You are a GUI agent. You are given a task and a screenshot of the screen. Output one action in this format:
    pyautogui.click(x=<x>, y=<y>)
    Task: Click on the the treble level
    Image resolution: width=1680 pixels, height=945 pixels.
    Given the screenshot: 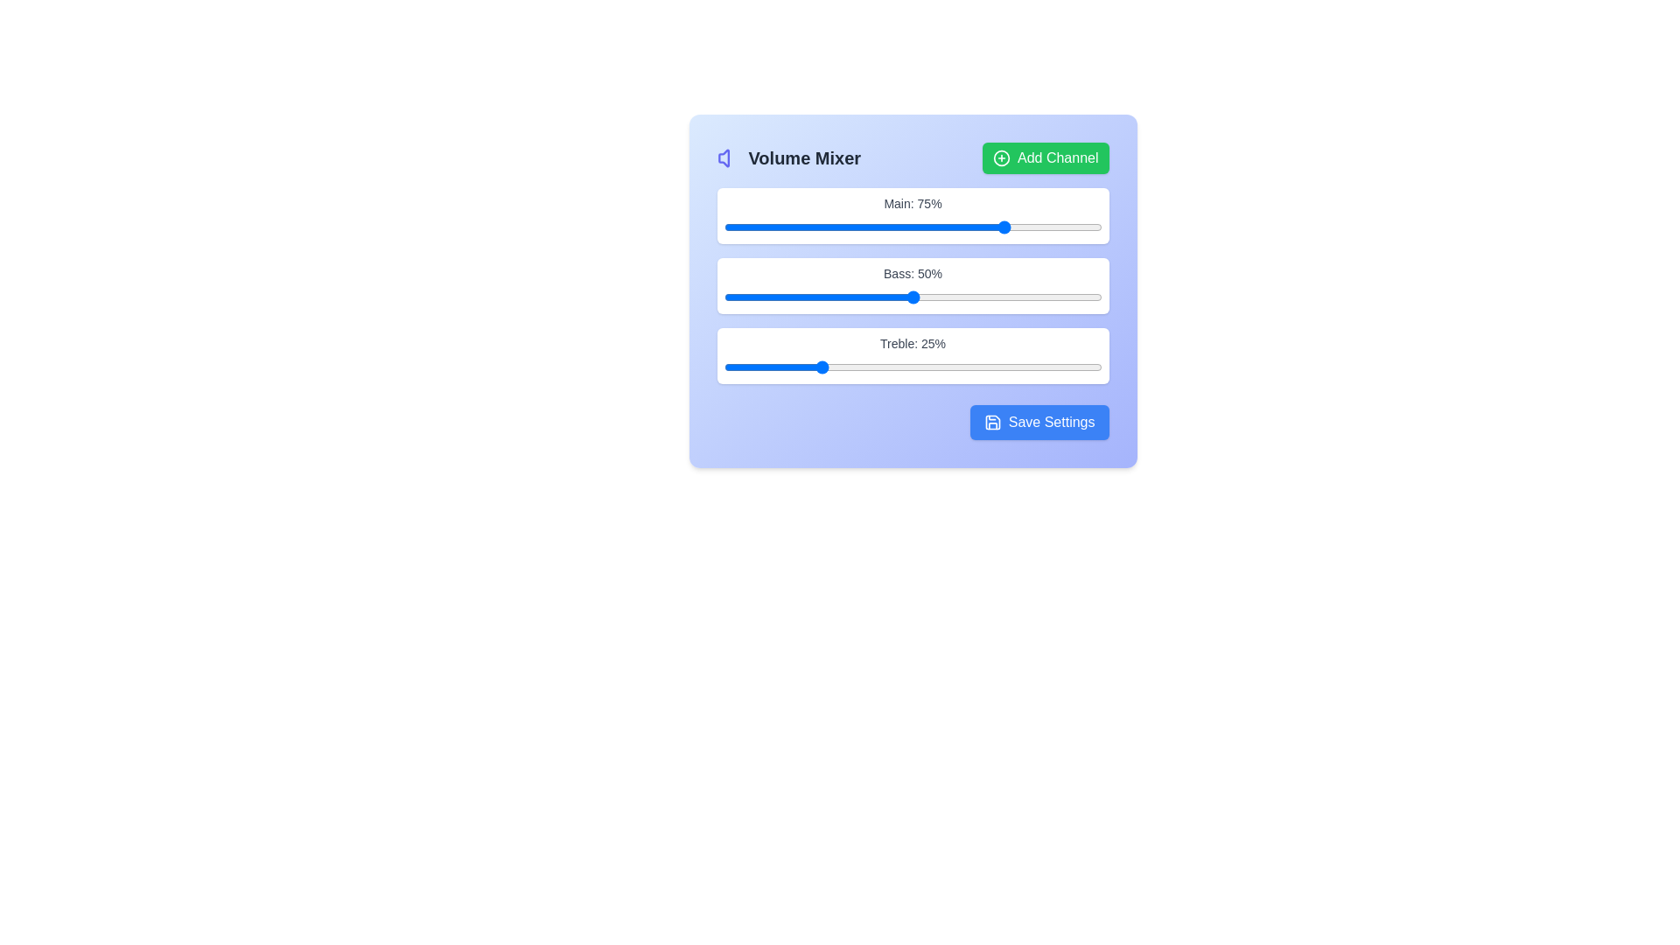 What is the action you would take?
    pyautogui.click(x=1030, y=367)
    